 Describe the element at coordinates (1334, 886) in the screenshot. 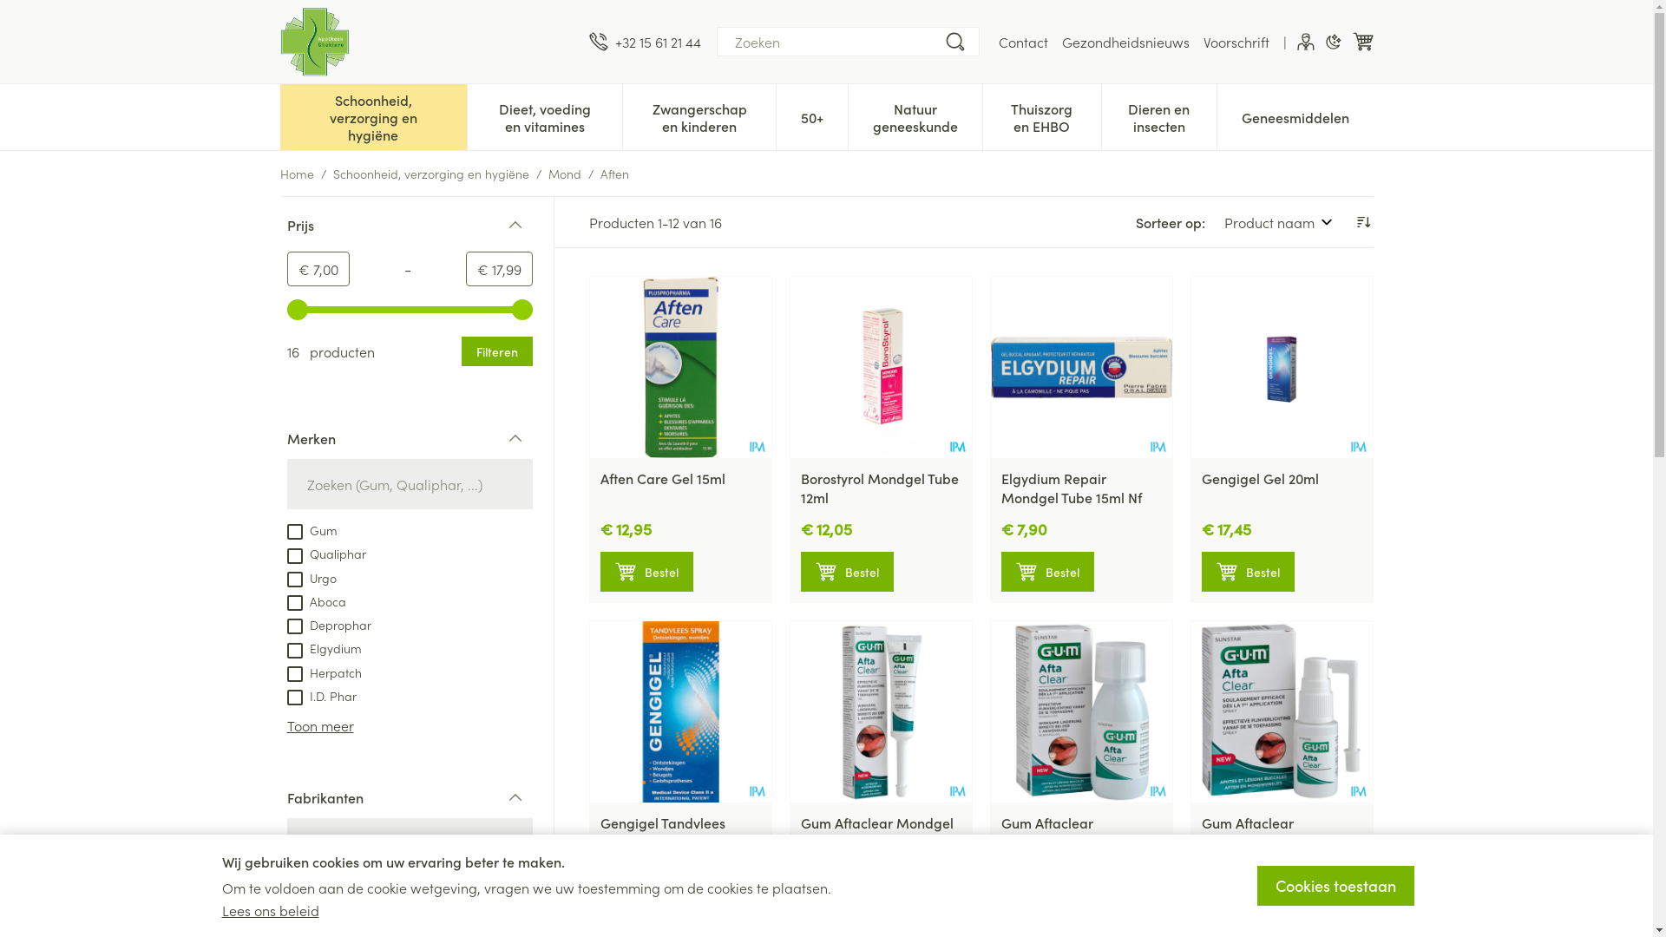

I see `'Cookies toestaan'` at that location.